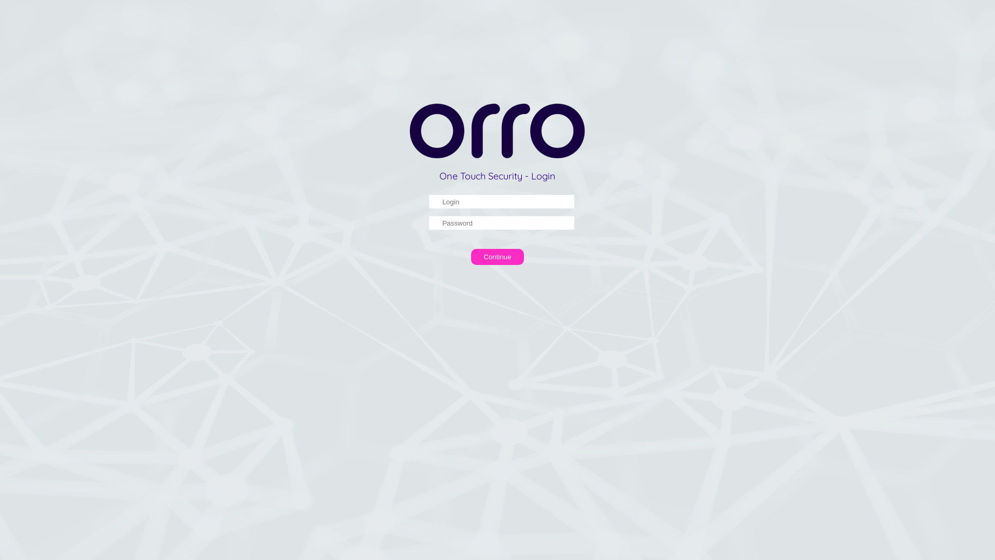  Describe the element at coordinates (497, 257) in the screenshot. I see `'Continue'` at that location.